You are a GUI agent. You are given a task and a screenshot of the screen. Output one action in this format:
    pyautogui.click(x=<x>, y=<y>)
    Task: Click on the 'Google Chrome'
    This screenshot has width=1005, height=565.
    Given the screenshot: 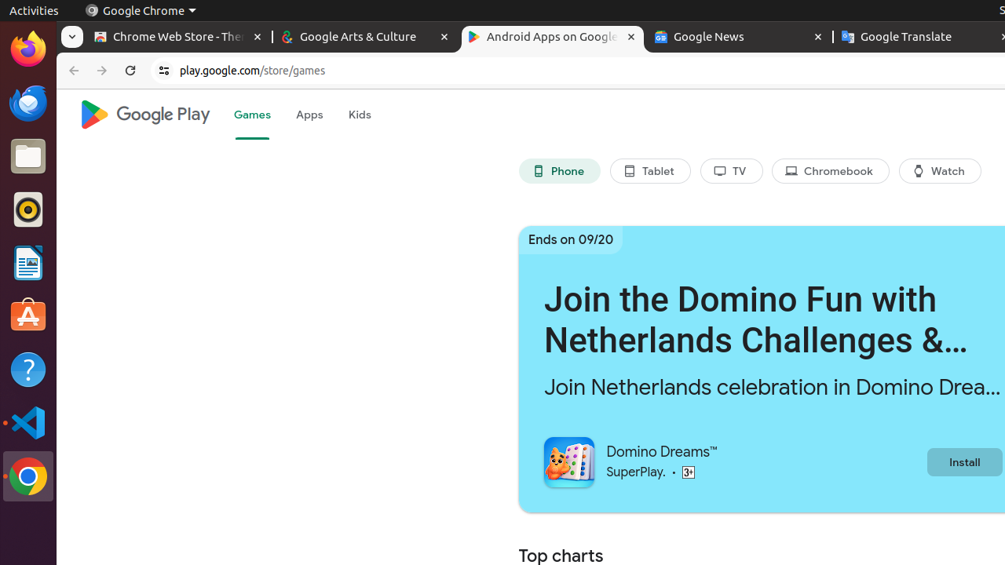 What is the action you would take?
    pyautogui.click(x=140, y=10)
    